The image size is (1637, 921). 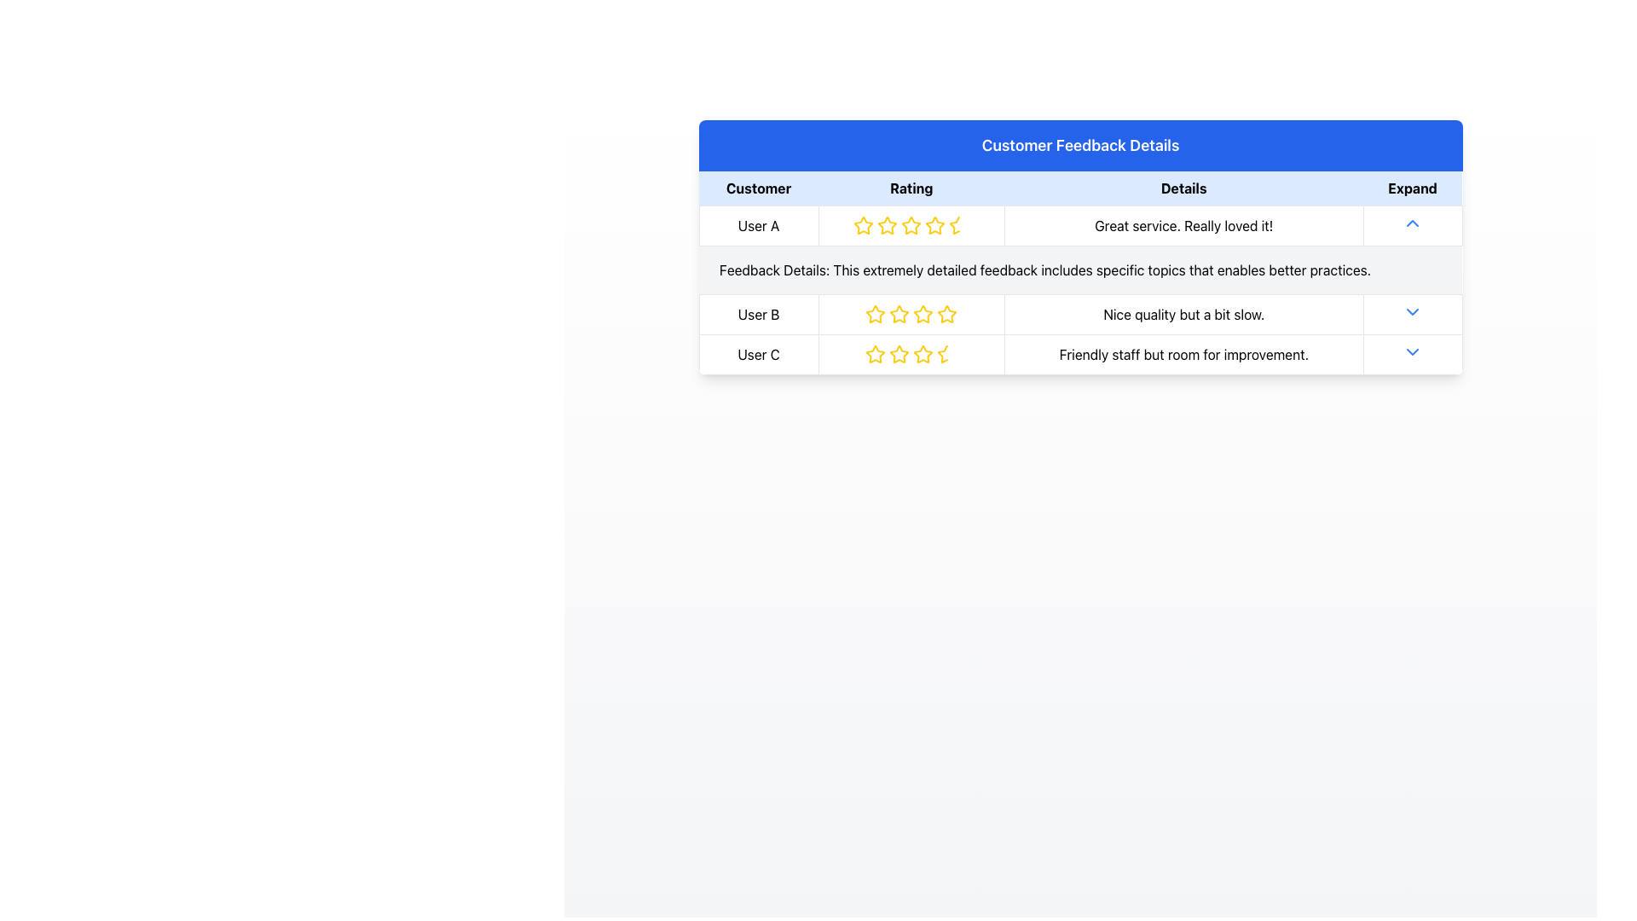 What do you see at coordinates (887, 225) in the screenshot?
I see `the second star icon with a yellow outline in the rating column under 'User A' in the 'Customer Feedback Details' table` at bounding box center [887, 225].